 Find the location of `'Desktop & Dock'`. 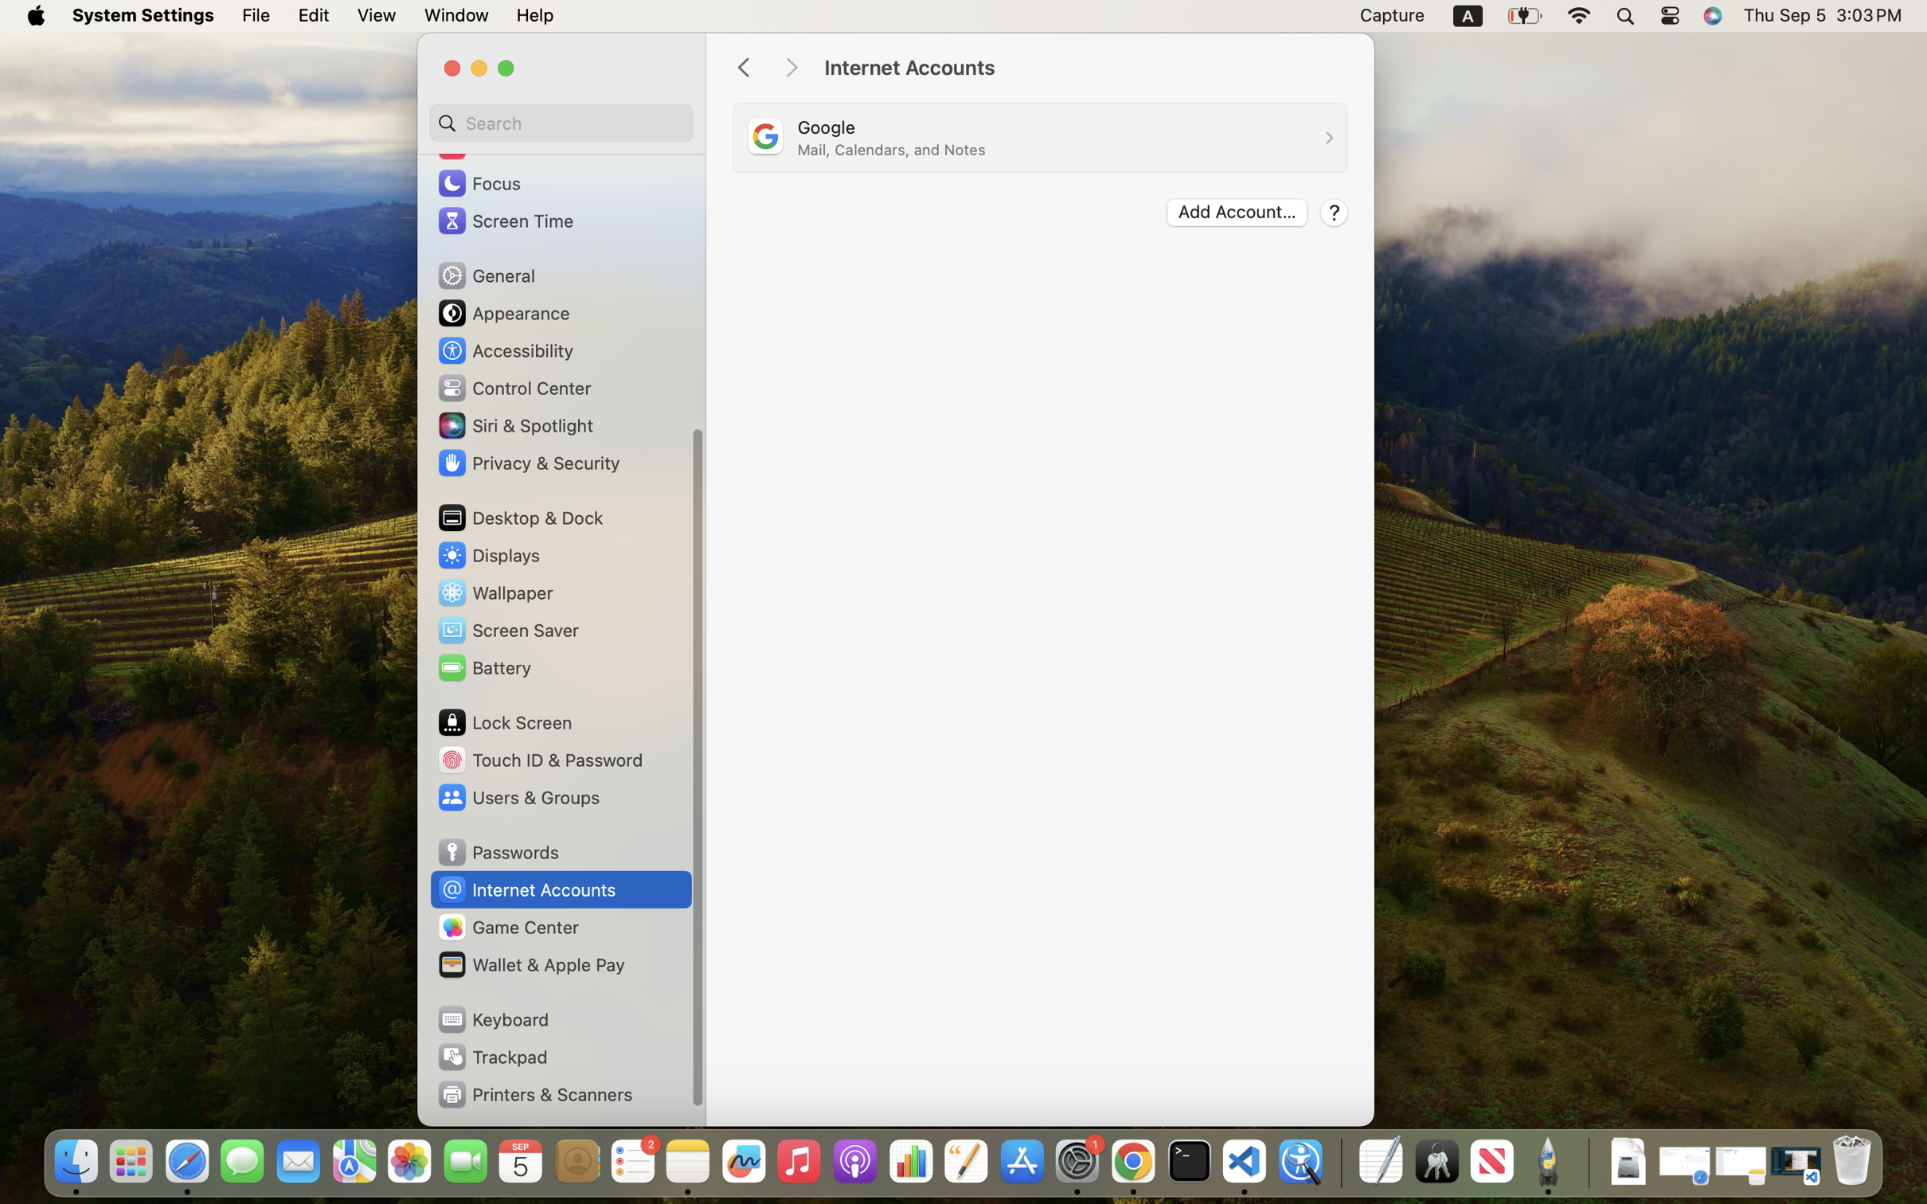

'Desktop & Dock' is located at coordinates (520, 517).